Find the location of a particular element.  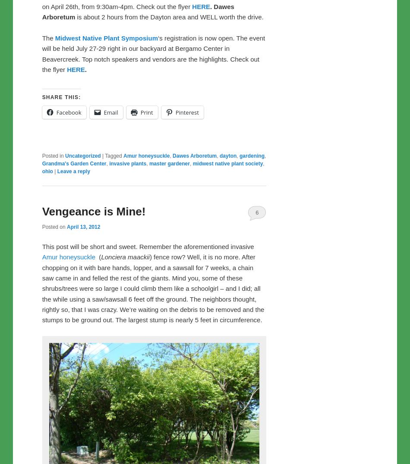

'The' is located at coordinates (48, 37).